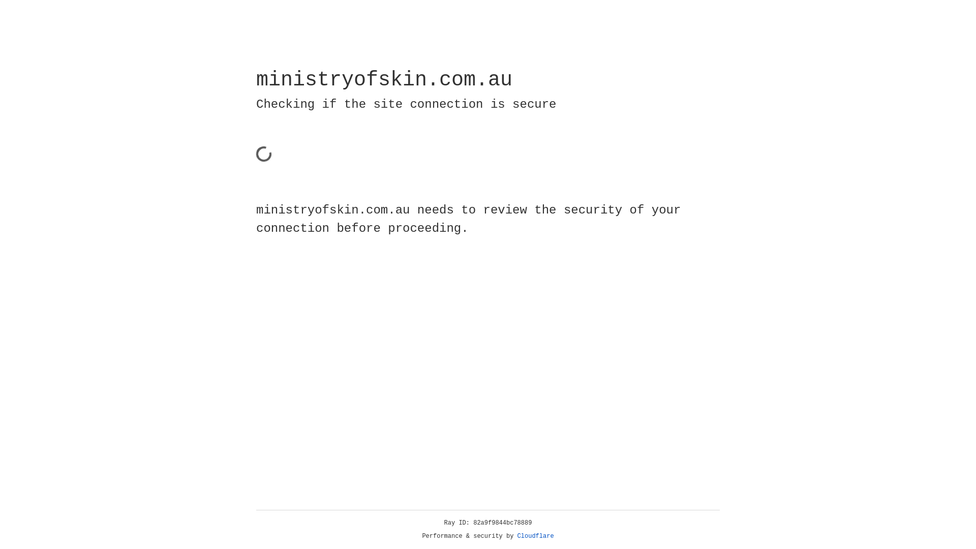  Describe the element at coordinates (535, 536) in the screenshot. I see `'Cloudflare'` at that location.